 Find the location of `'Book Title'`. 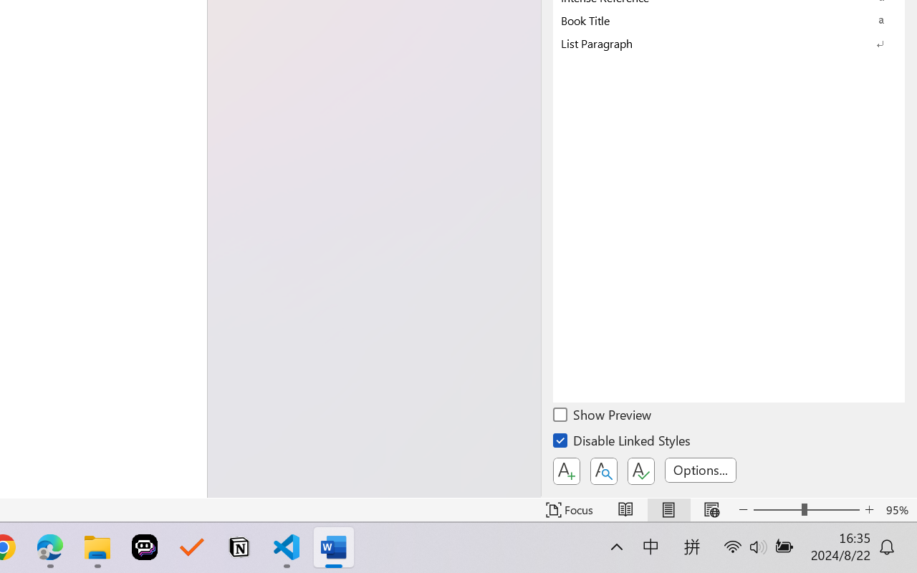

'Book Title' is located at coordinates (729, 20).